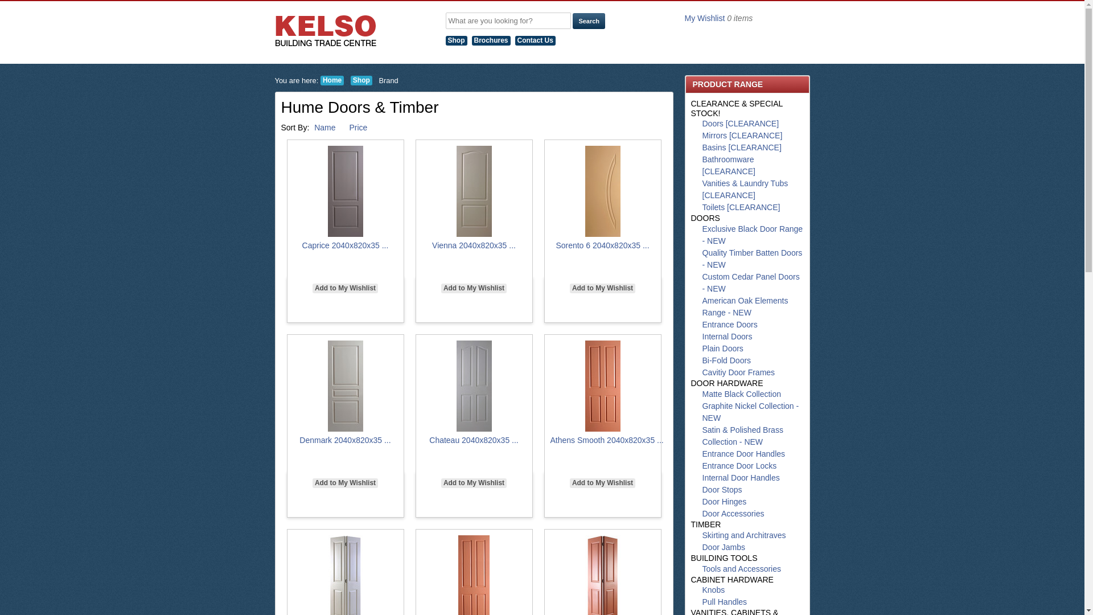 This screenshot has height=615, width=1093. I want to click on 'Contact Us', so click(537, 39).